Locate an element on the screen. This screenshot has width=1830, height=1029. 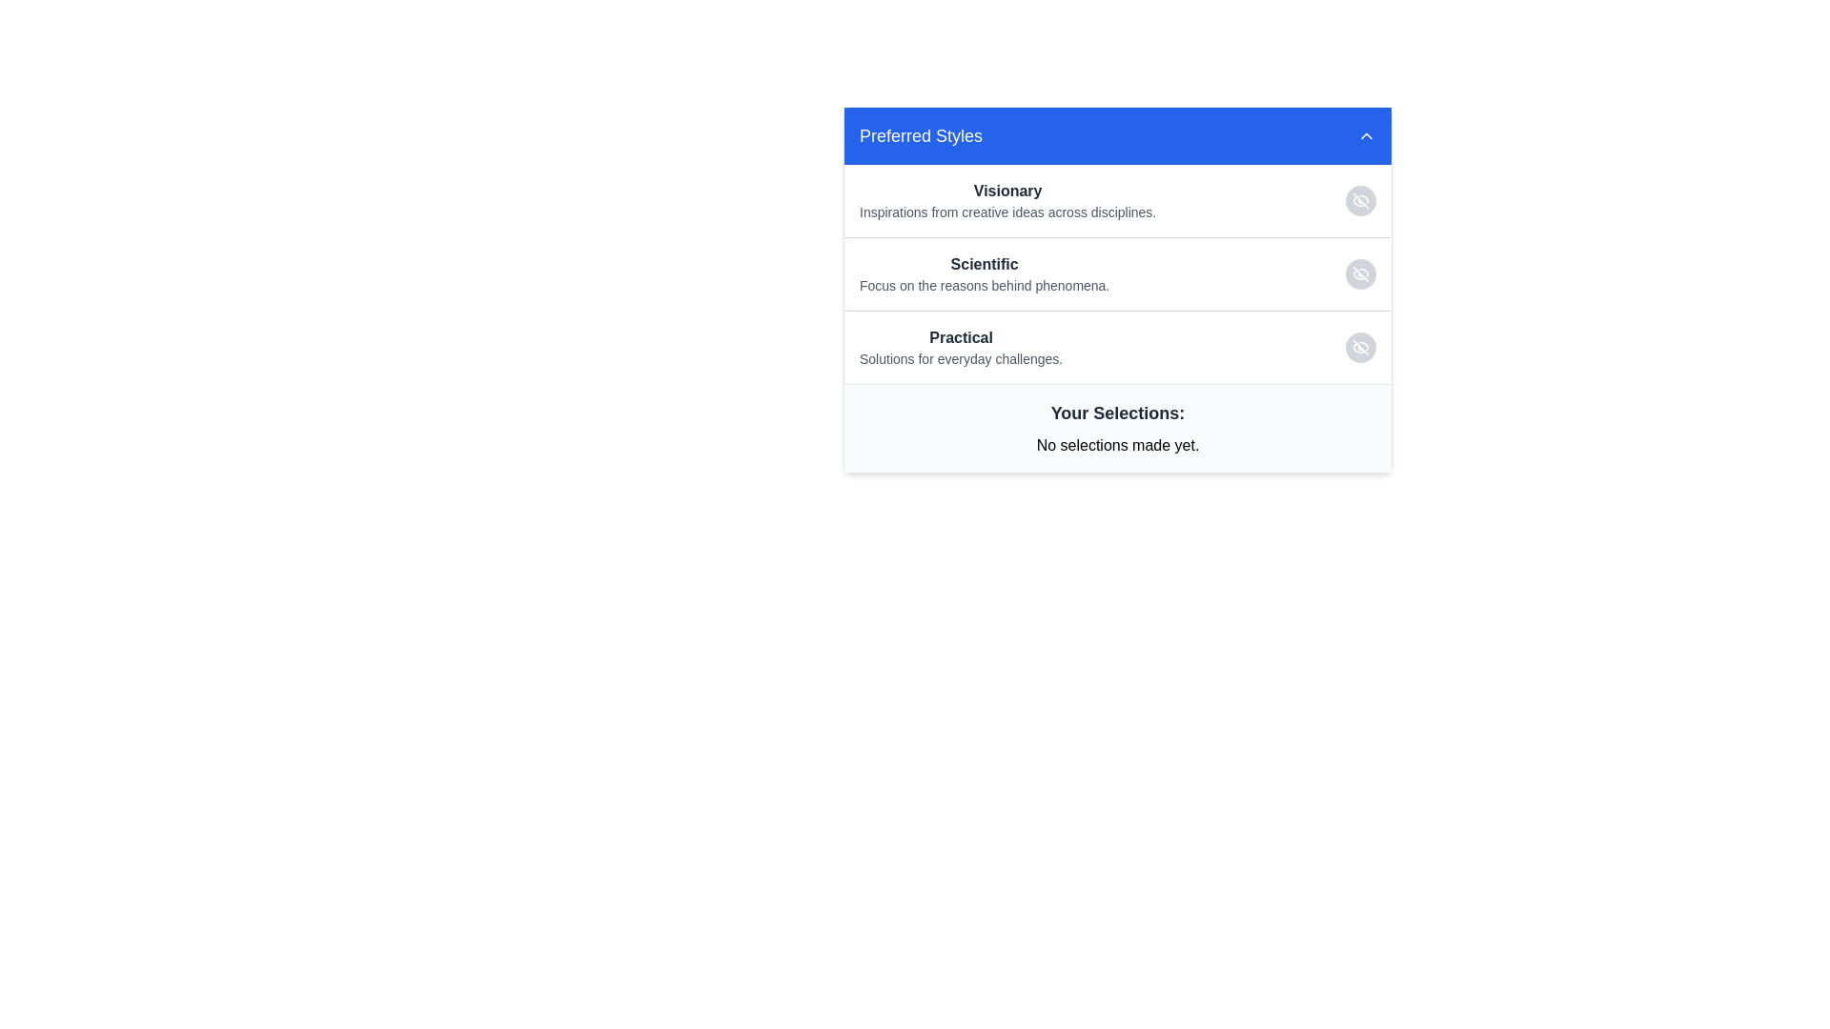
content displayed in the informational text section located below the 'Practical' section in the interface is located at coordinates (1117, 427).